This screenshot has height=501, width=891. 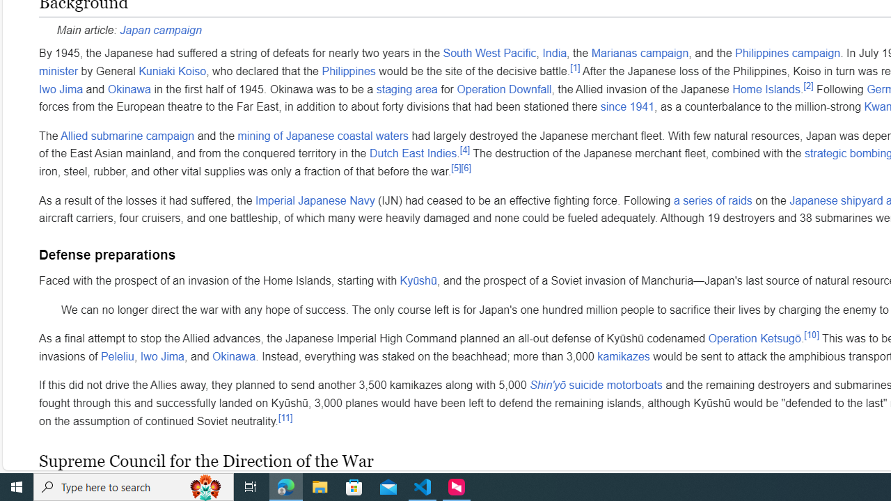 I want to click on 'Japan campaign', so click(x=161, y=29).